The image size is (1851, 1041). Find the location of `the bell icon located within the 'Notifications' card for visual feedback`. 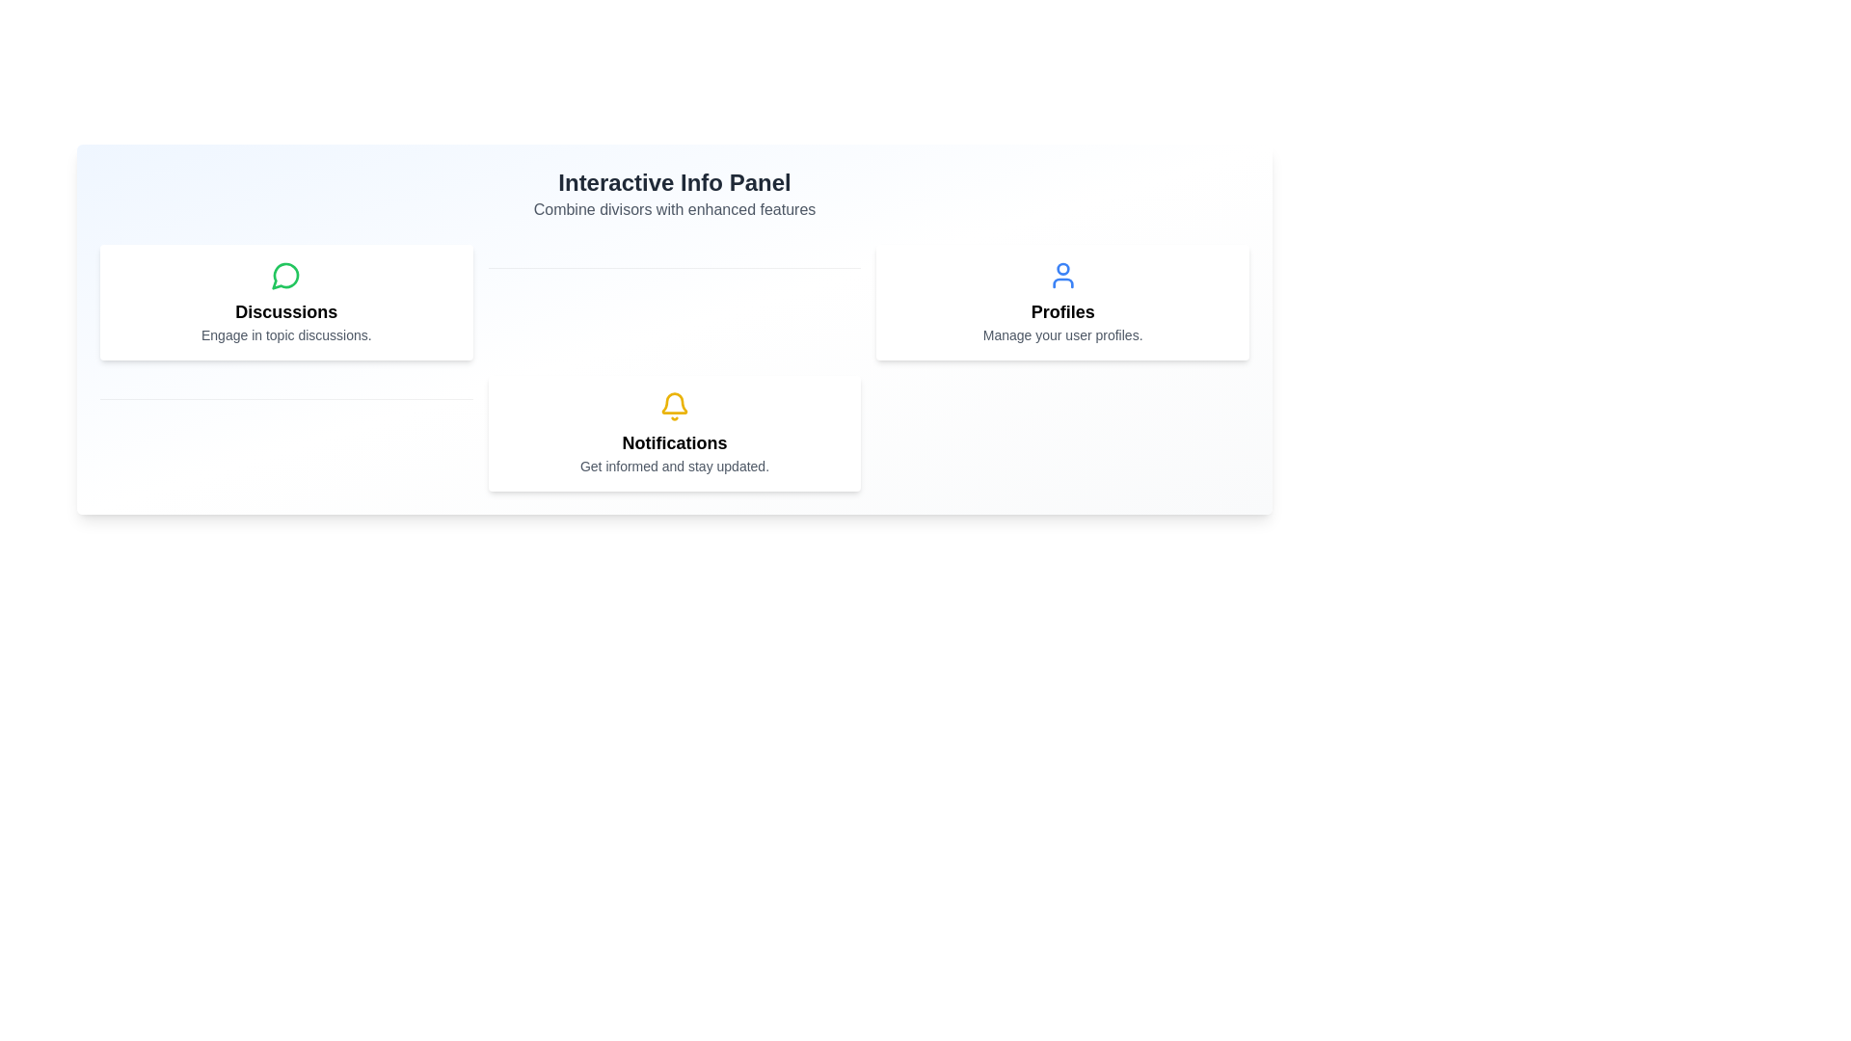

the bell icon located within the 'Notifications' card for visual feedback is located at coordinates (675, 405).